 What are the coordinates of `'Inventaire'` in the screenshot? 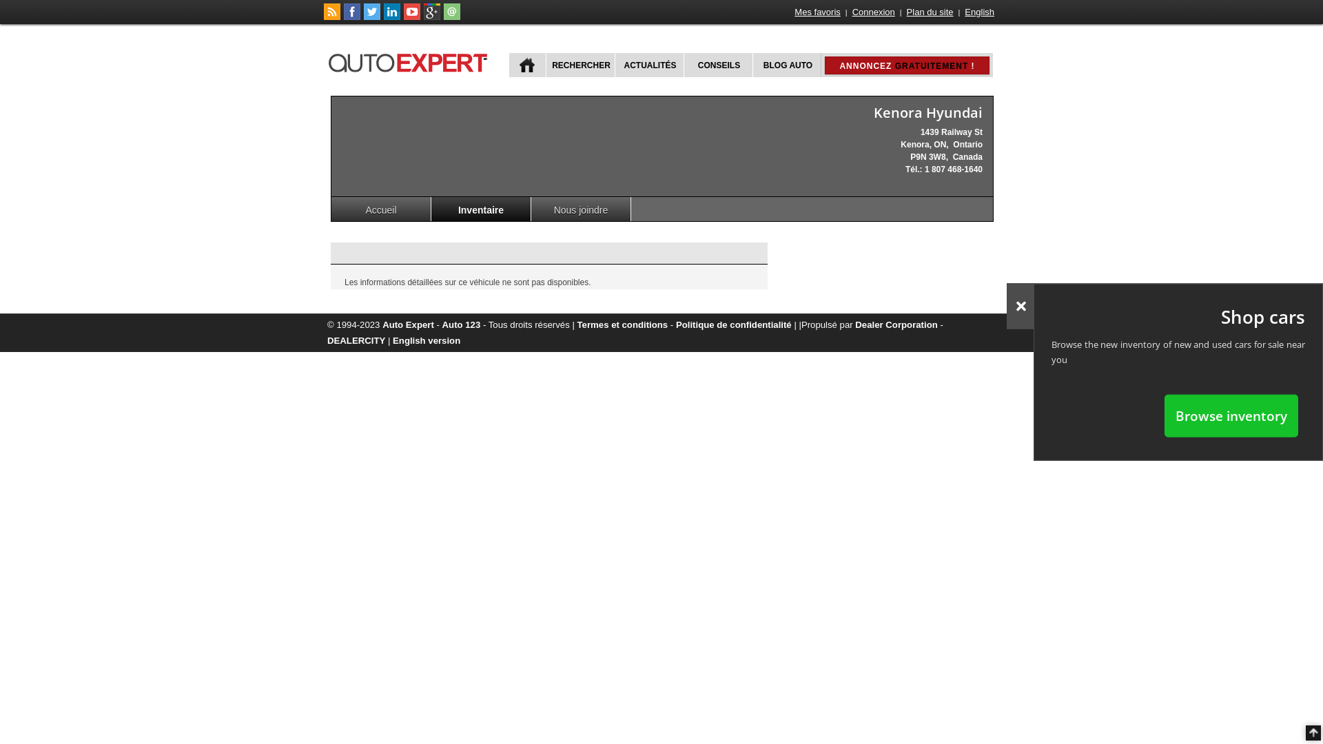 It's located at (481, 209).